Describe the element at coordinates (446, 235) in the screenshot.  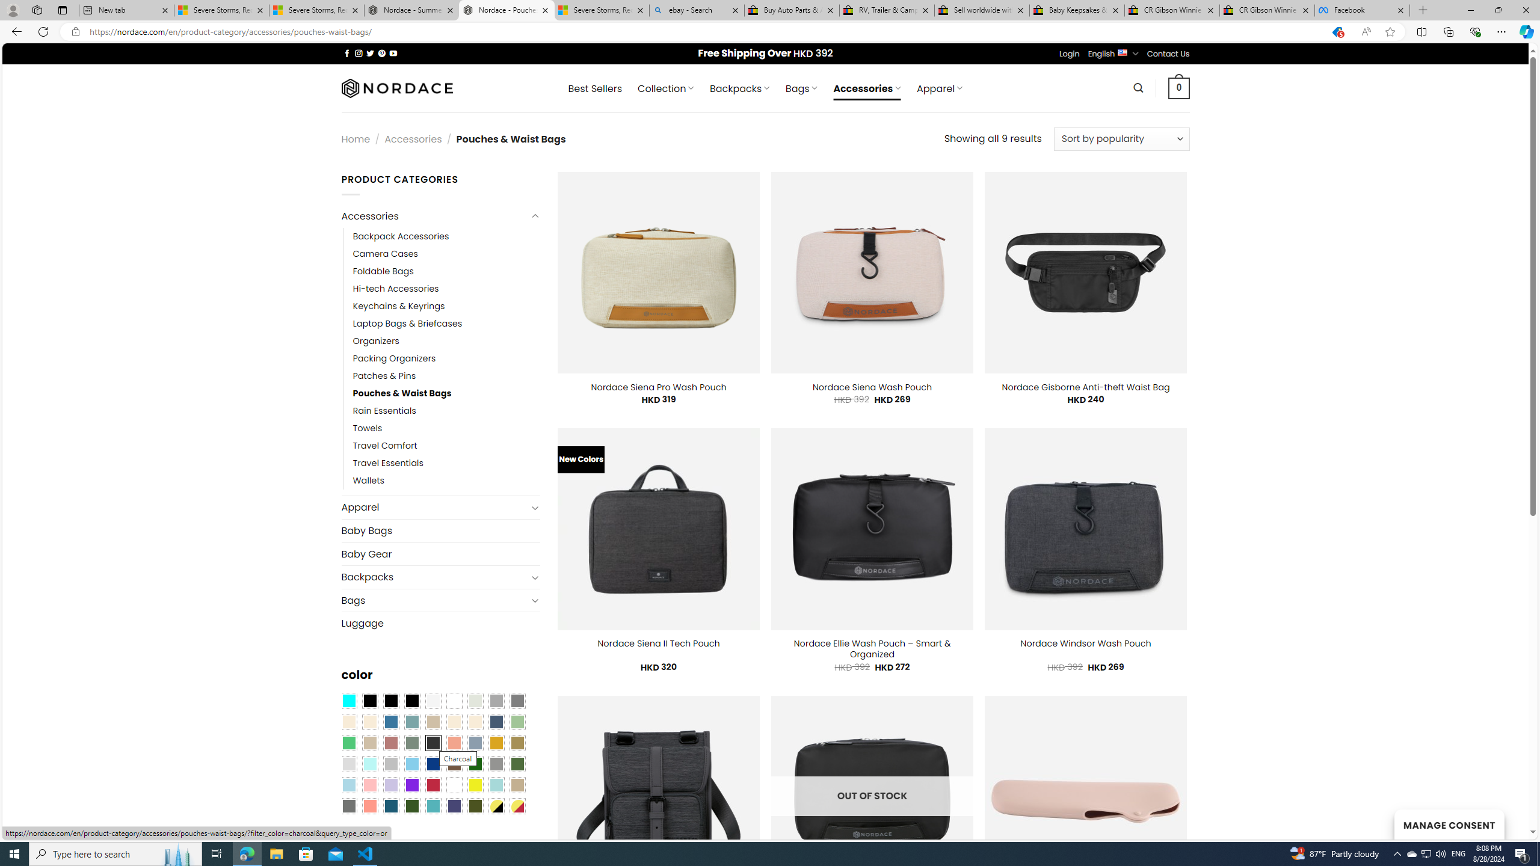
I see `'Backpack Accessories'` at that location.